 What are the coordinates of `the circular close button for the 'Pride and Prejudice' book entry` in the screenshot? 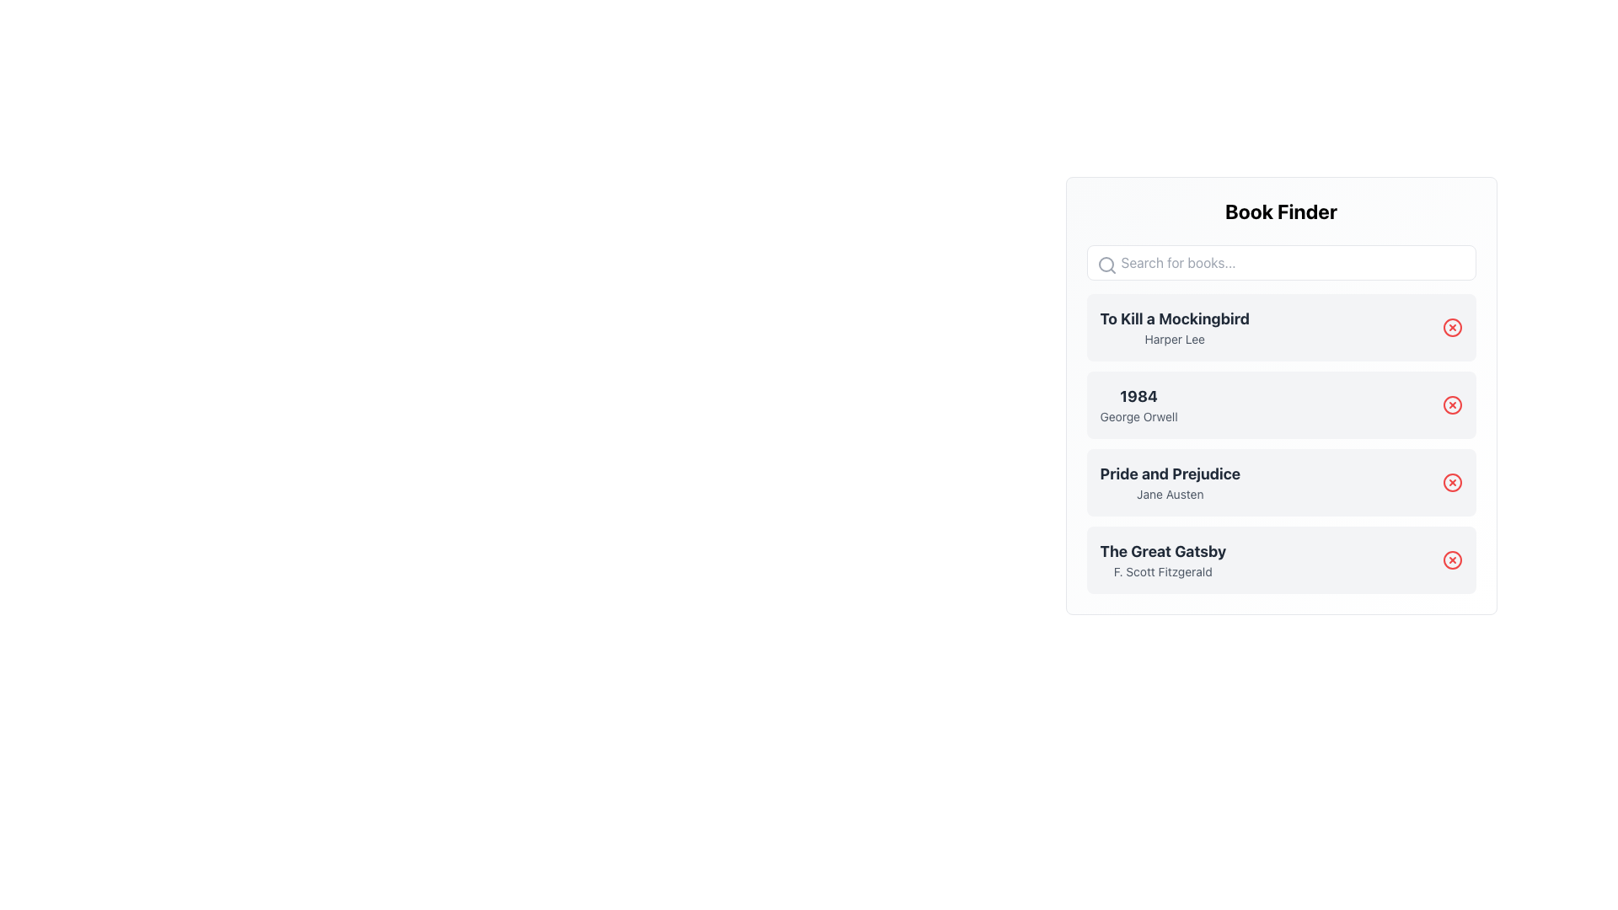 It's located at (1451, 483).